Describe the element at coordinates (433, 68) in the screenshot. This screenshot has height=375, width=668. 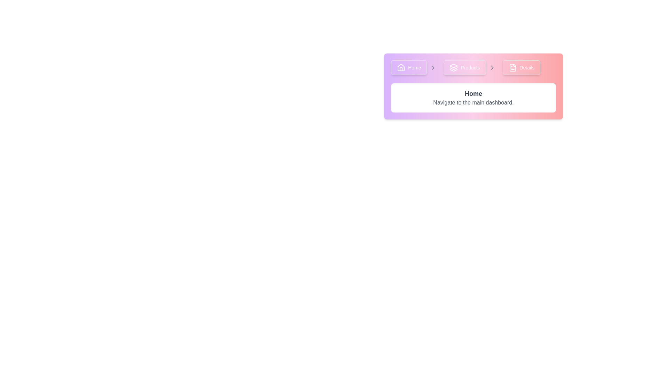
I see `the right-pointing arrow-shaped icon located in the middle section of the horizontal navigation bar, positioned between the 'Home' text button and the 'Products' button` at that location.